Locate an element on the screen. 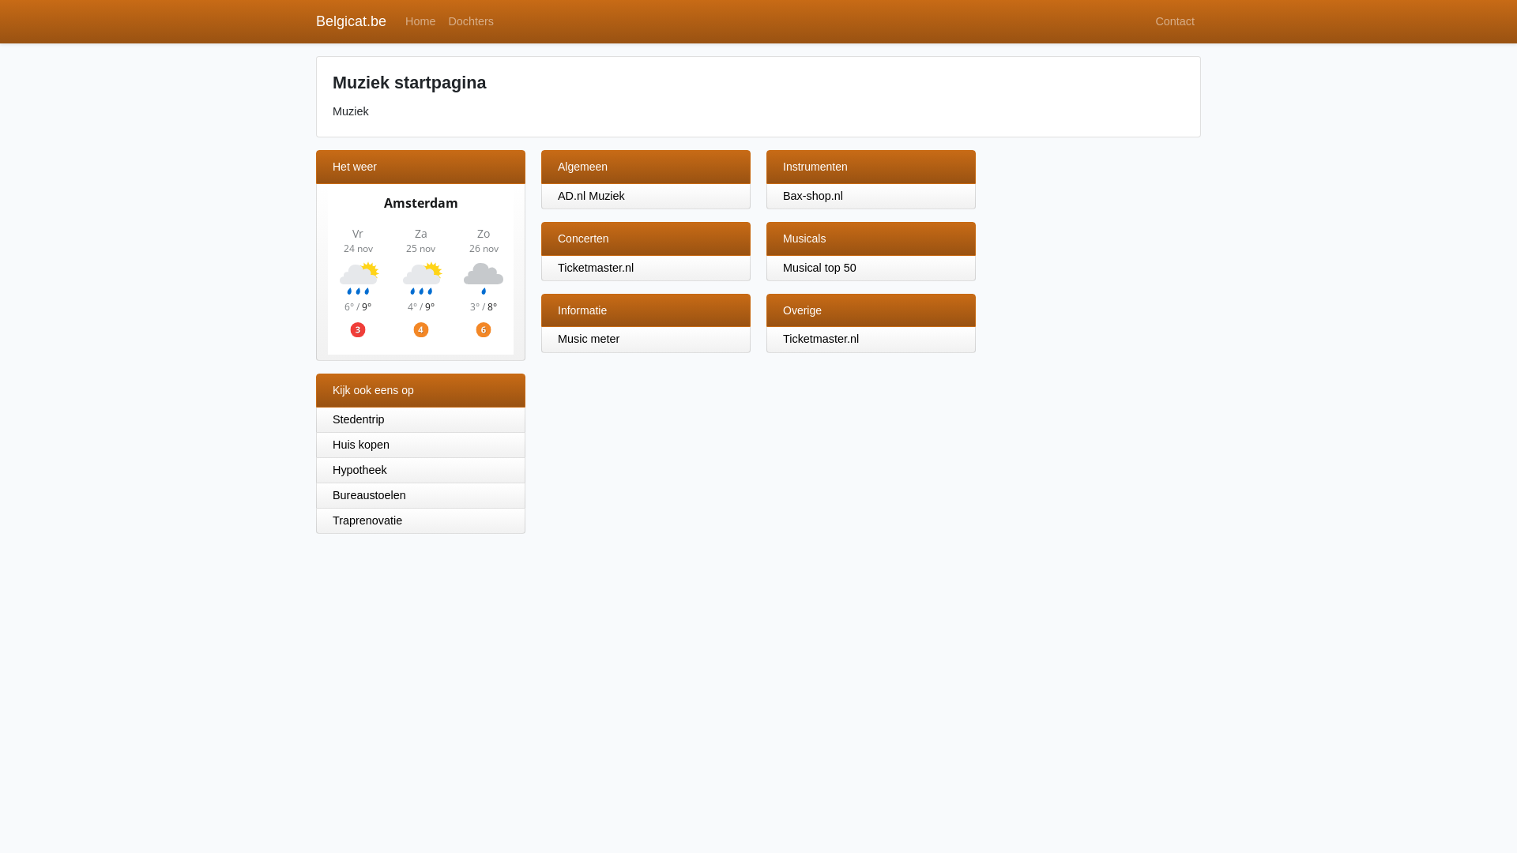 The image size is (1517, 853). 'Hypotheek' is located at coordinates (420, 470).